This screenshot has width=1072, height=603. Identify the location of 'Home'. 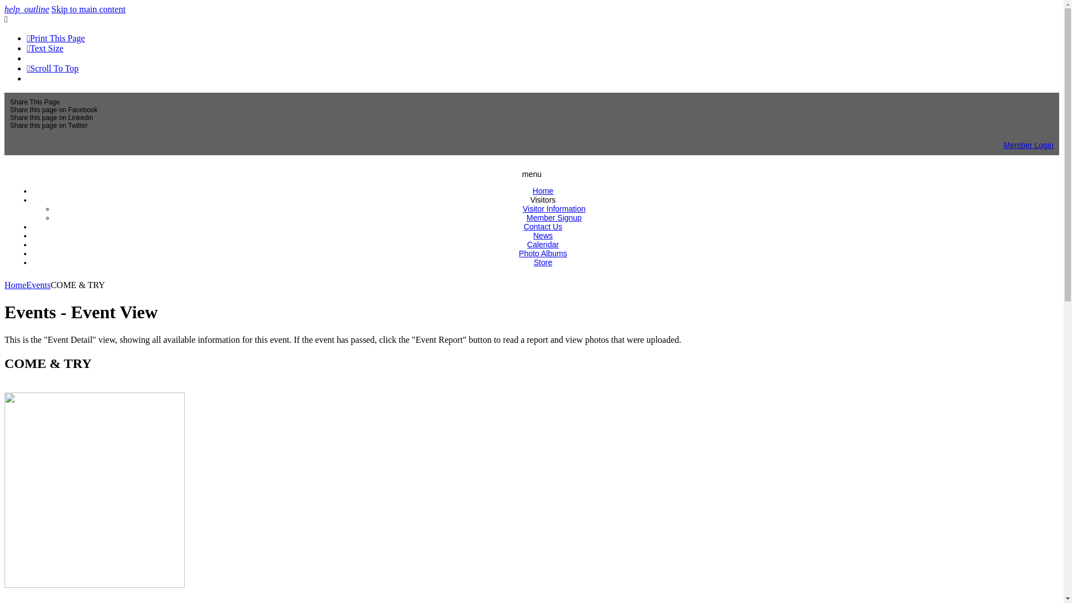
(543, 190).